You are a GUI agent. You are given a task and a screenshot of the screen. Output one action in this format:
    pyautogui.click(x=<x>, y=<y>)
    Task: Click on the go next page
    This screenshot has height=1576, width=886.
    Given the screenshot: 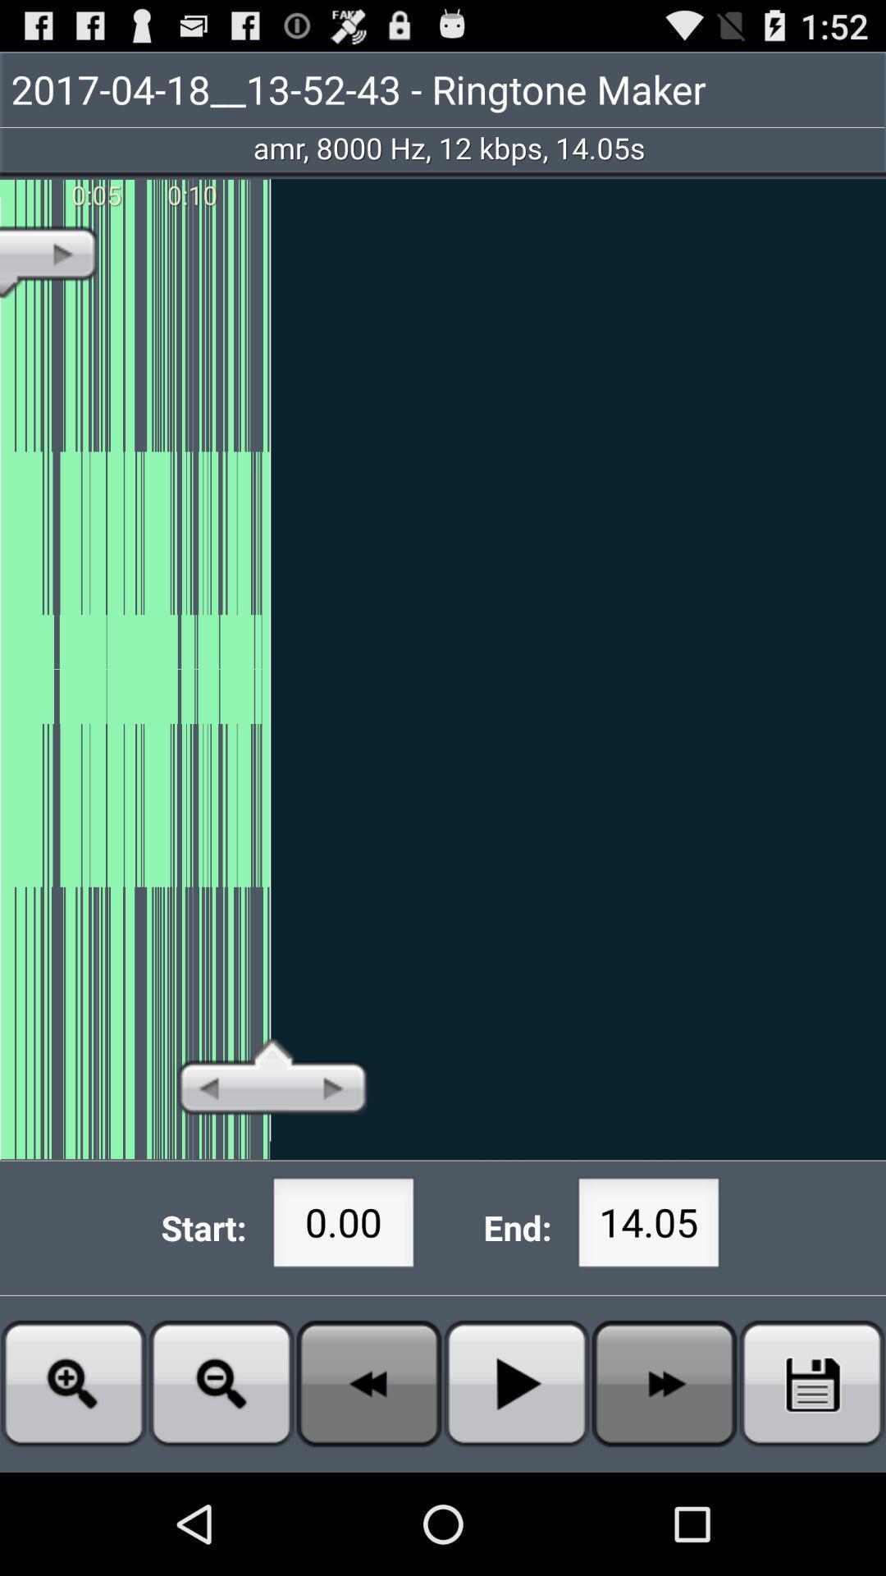 What is the action you would take?
    pyautogui.click(x=664, y=1382)
    